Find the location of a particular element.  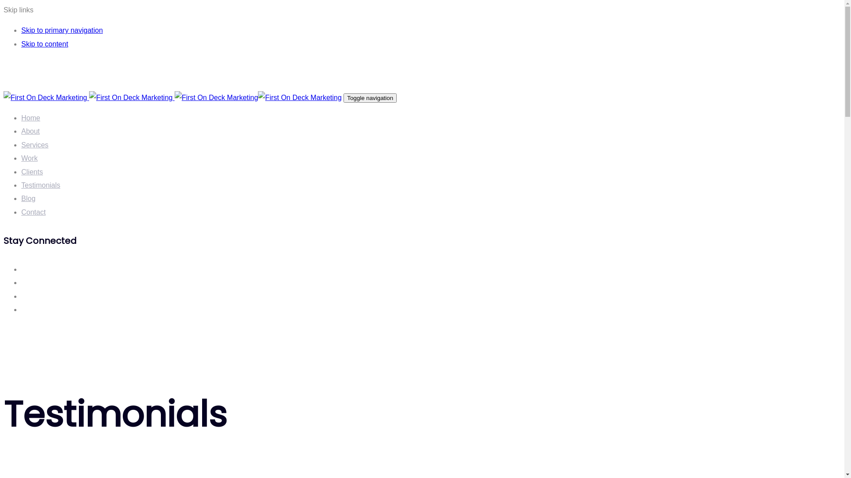

'Home' is located at coordinates (31, 117).